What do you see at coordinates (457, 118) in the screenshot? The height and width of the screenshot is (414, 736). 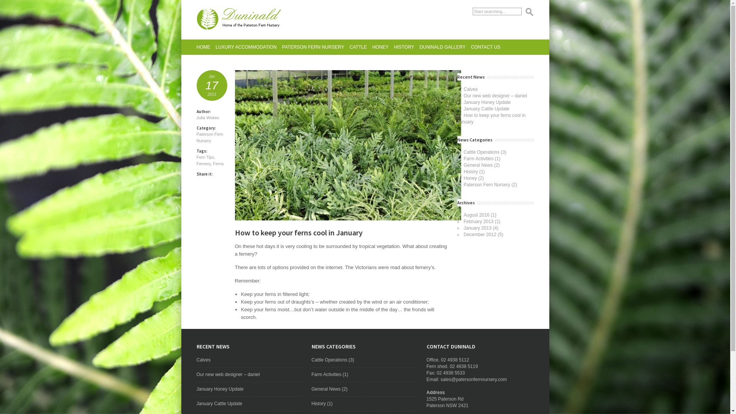 I see `'How to keep your ferns cool in January'` at bounding box center [457, 118].